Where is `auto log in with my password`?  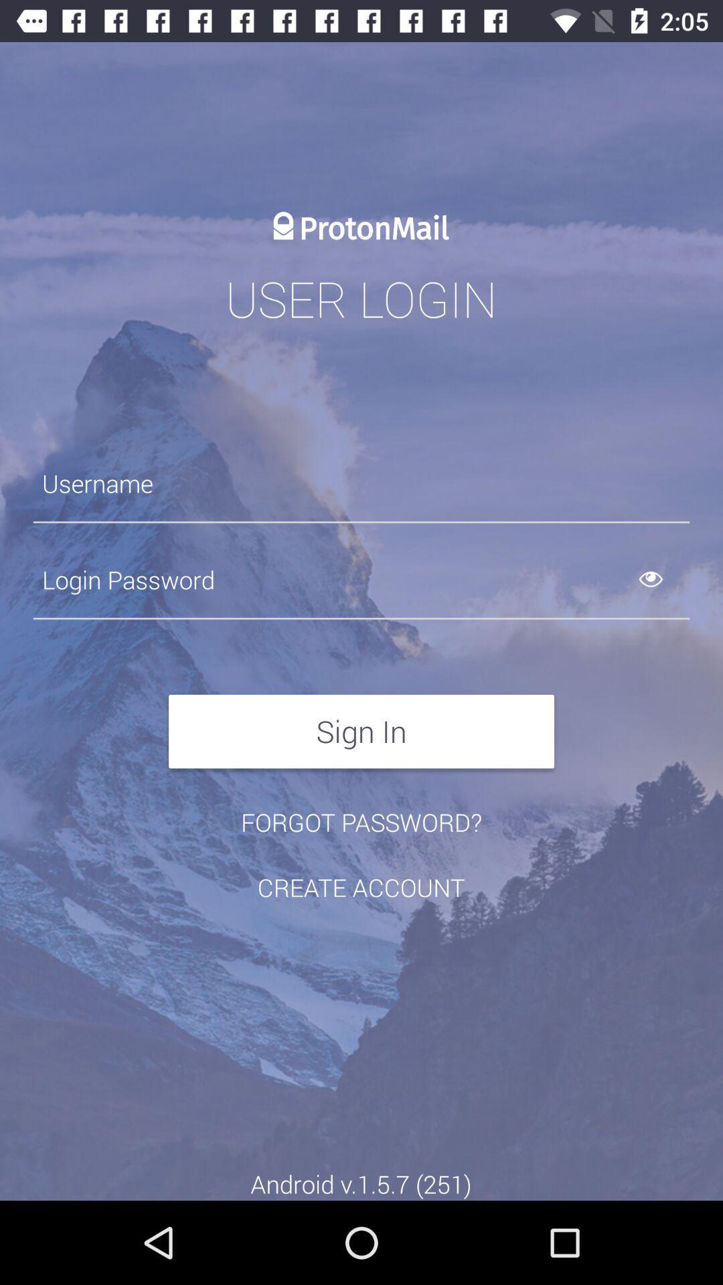 auto log in with my password is located at coordinates (361, 580).